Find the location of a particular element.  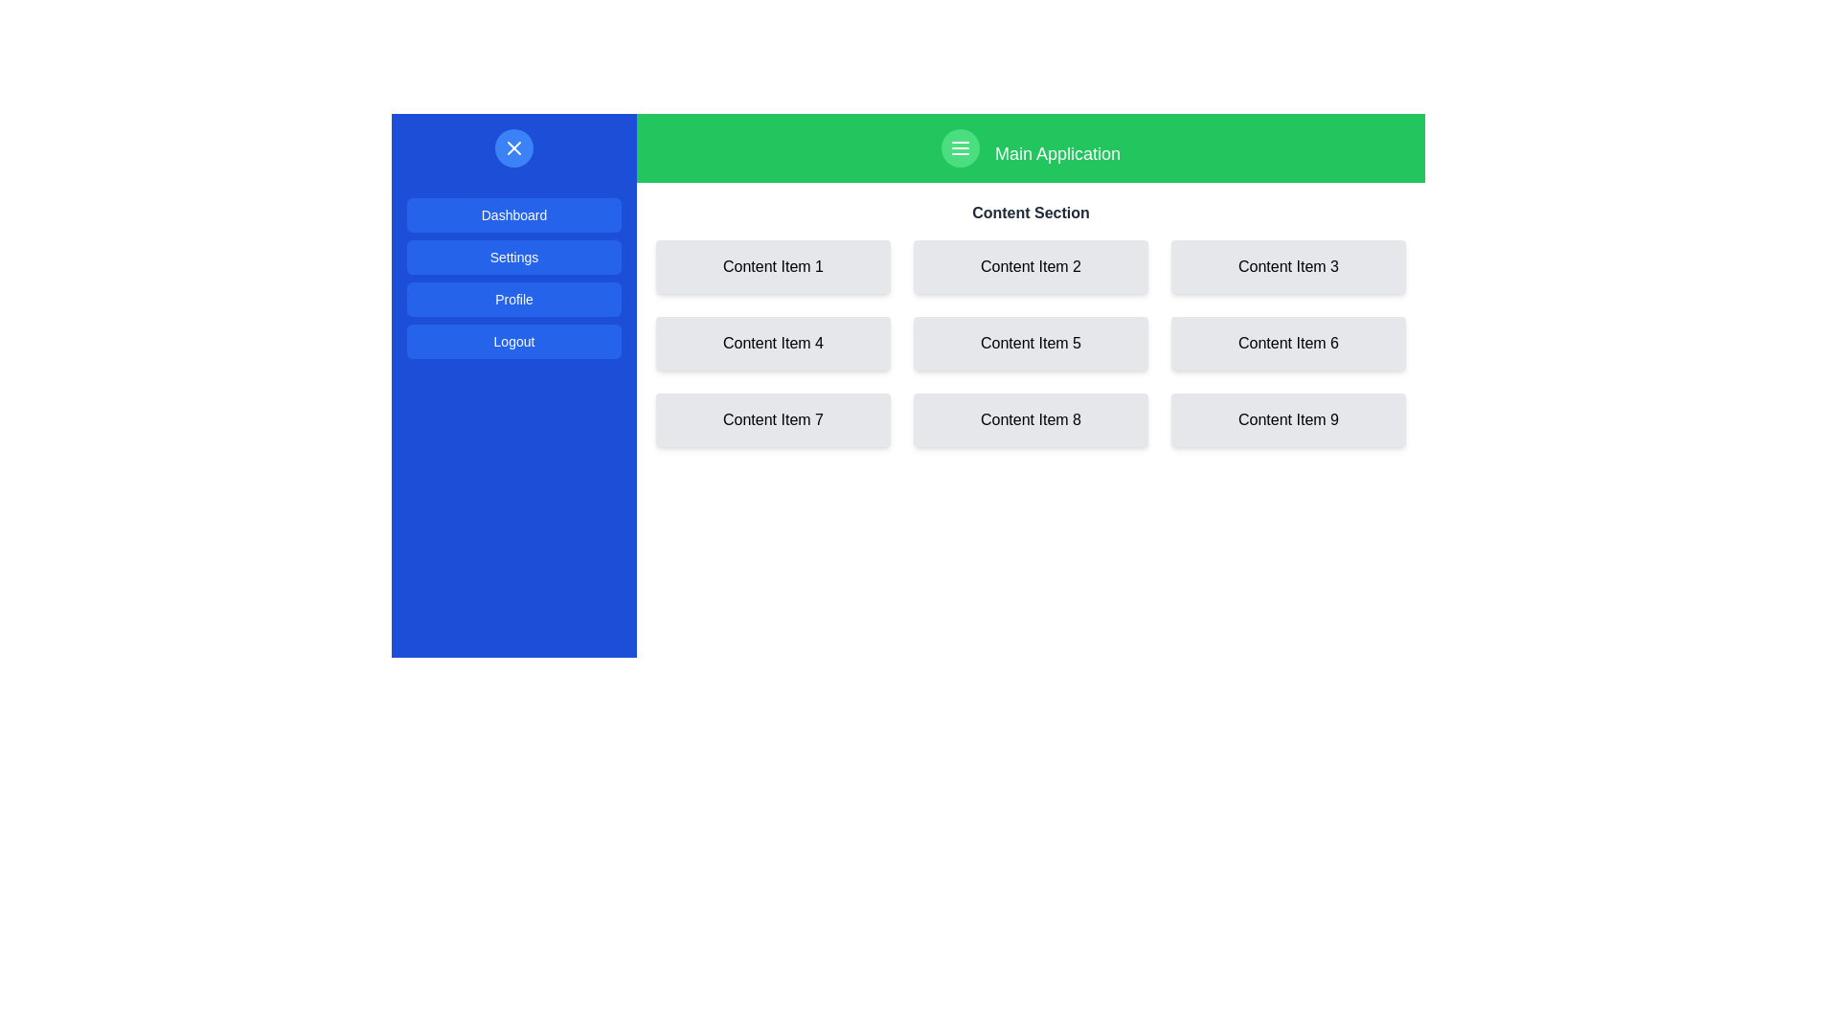

text content of the heading or title Text label located in the center-right area of the green header bar, aligned horizontally to the menu icon is located at coordinates (1056, 153).